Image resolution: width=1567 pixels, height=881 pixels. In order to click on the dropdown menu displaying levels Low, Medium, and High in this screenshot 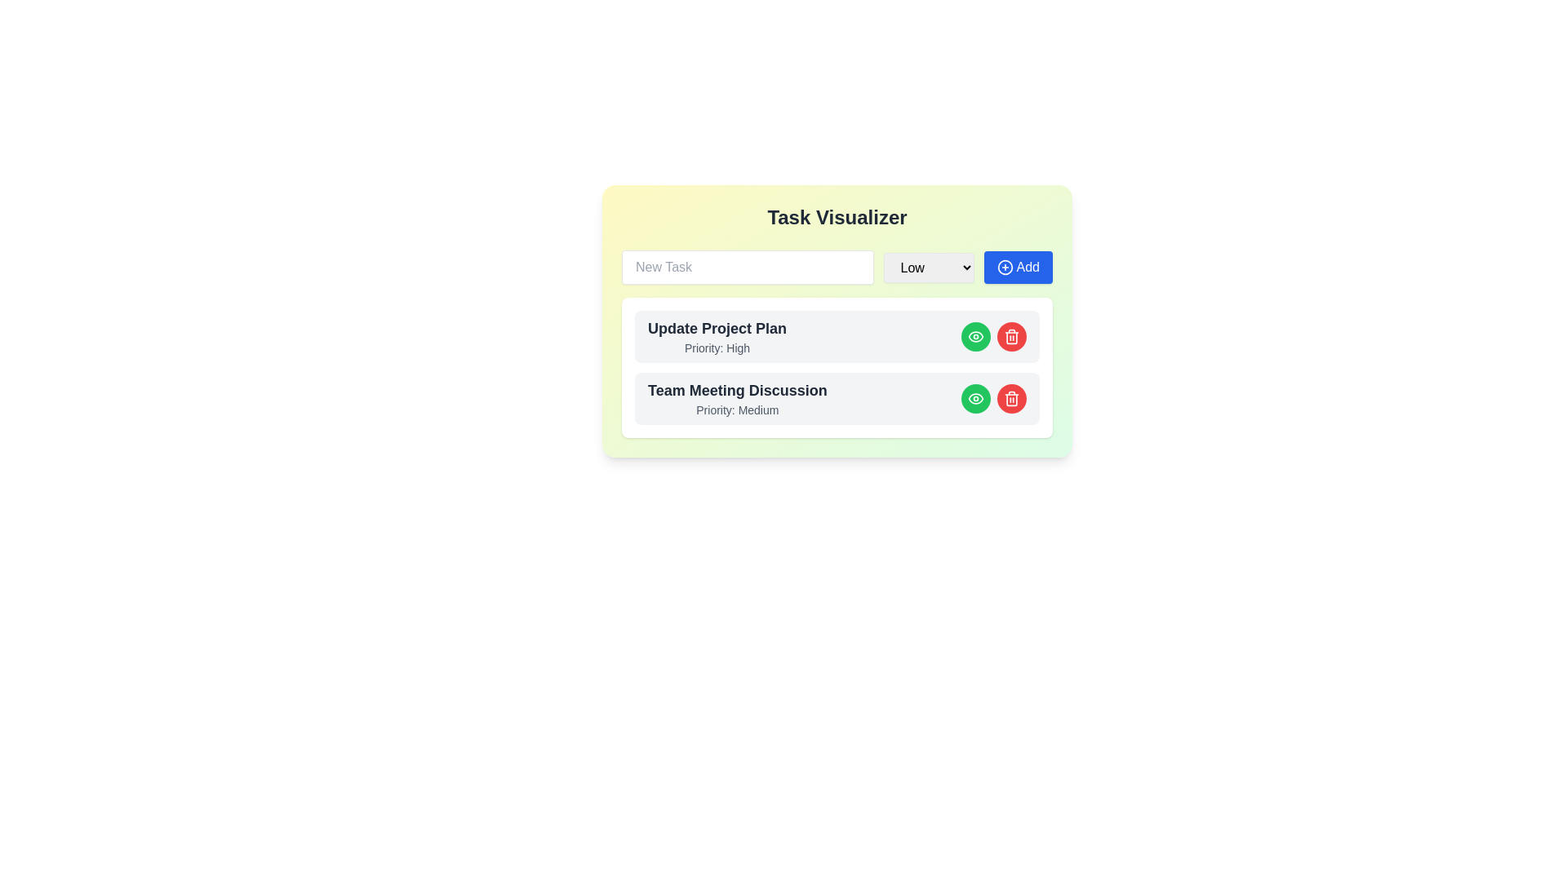, I will do `click(928, 266)`.